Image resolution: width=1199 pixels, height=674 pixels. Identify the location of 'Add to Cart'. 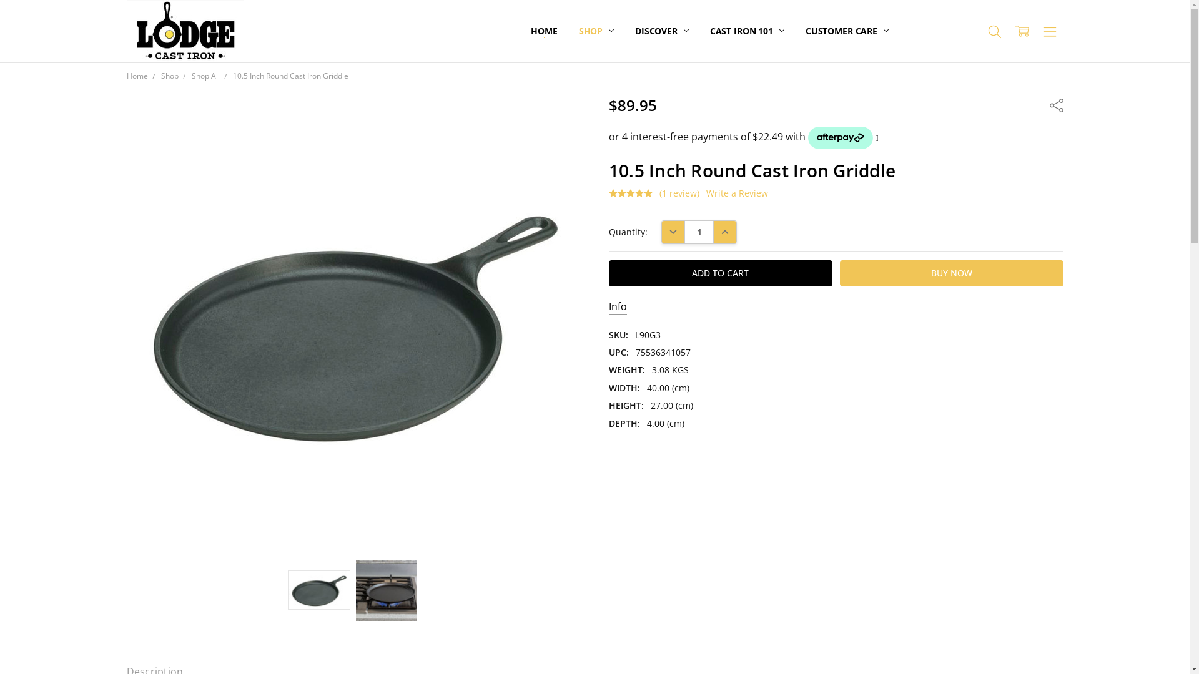
(720, 273).